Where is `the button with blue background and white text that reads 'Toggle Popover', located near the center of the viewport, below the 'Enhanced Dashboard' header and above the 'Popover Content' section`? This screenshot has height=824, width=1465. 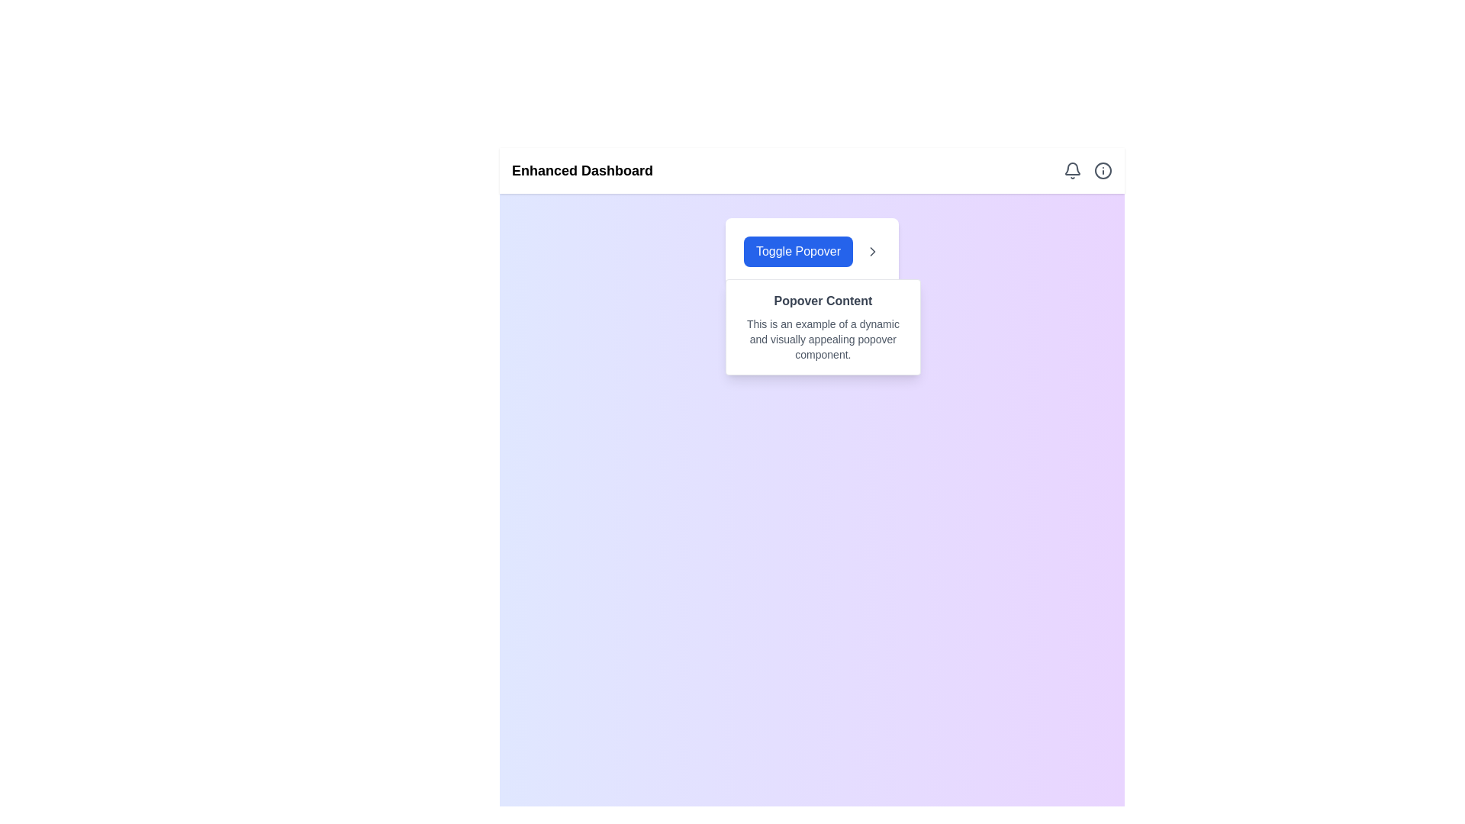 the button with blue background and white text that reads 'Toggle Popover', located near the center of the viewport, below the 'Enhanced Dashboard' header and above the 'Popover Content' section is located at coordinates (811, 251).